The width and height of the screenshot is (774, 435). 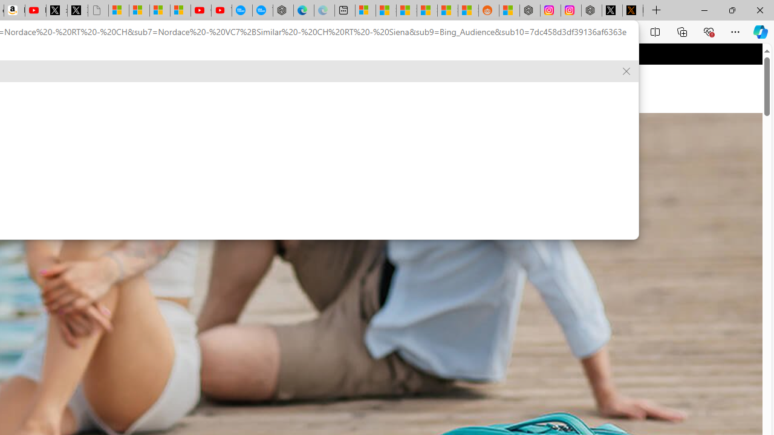 What do you see at coordinates (708, 31) in the screenshot?
I see `'Browser essentials'` at bounding box center [708, 31].